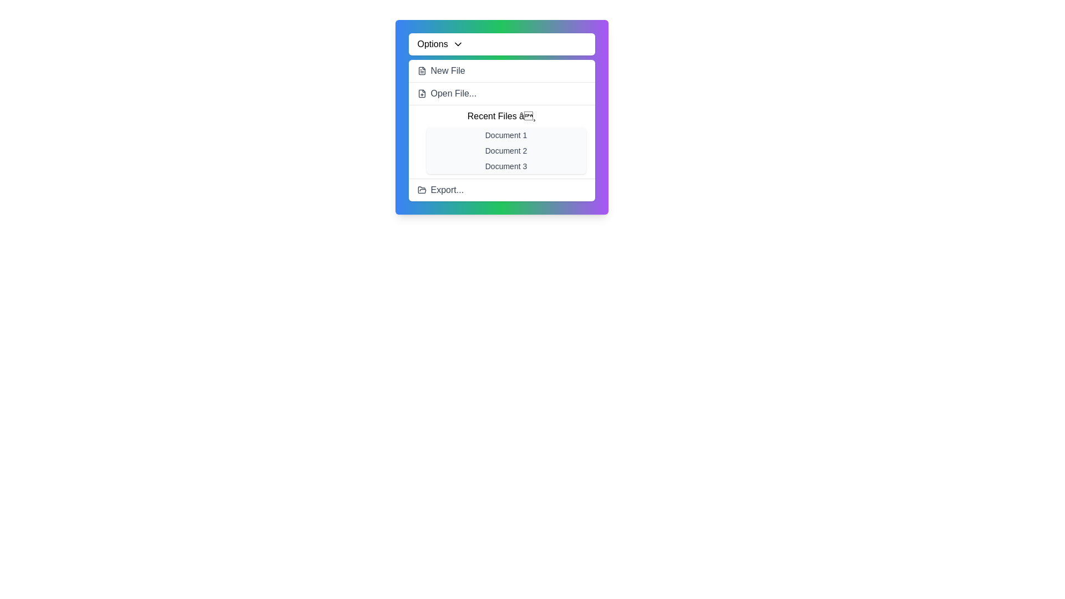 This screenshot has height=599, width=1065. Describe the element at coordinates (501, 93) in the screenshot. I see `the 'Open File...' menu item in the dropdown` at that location.